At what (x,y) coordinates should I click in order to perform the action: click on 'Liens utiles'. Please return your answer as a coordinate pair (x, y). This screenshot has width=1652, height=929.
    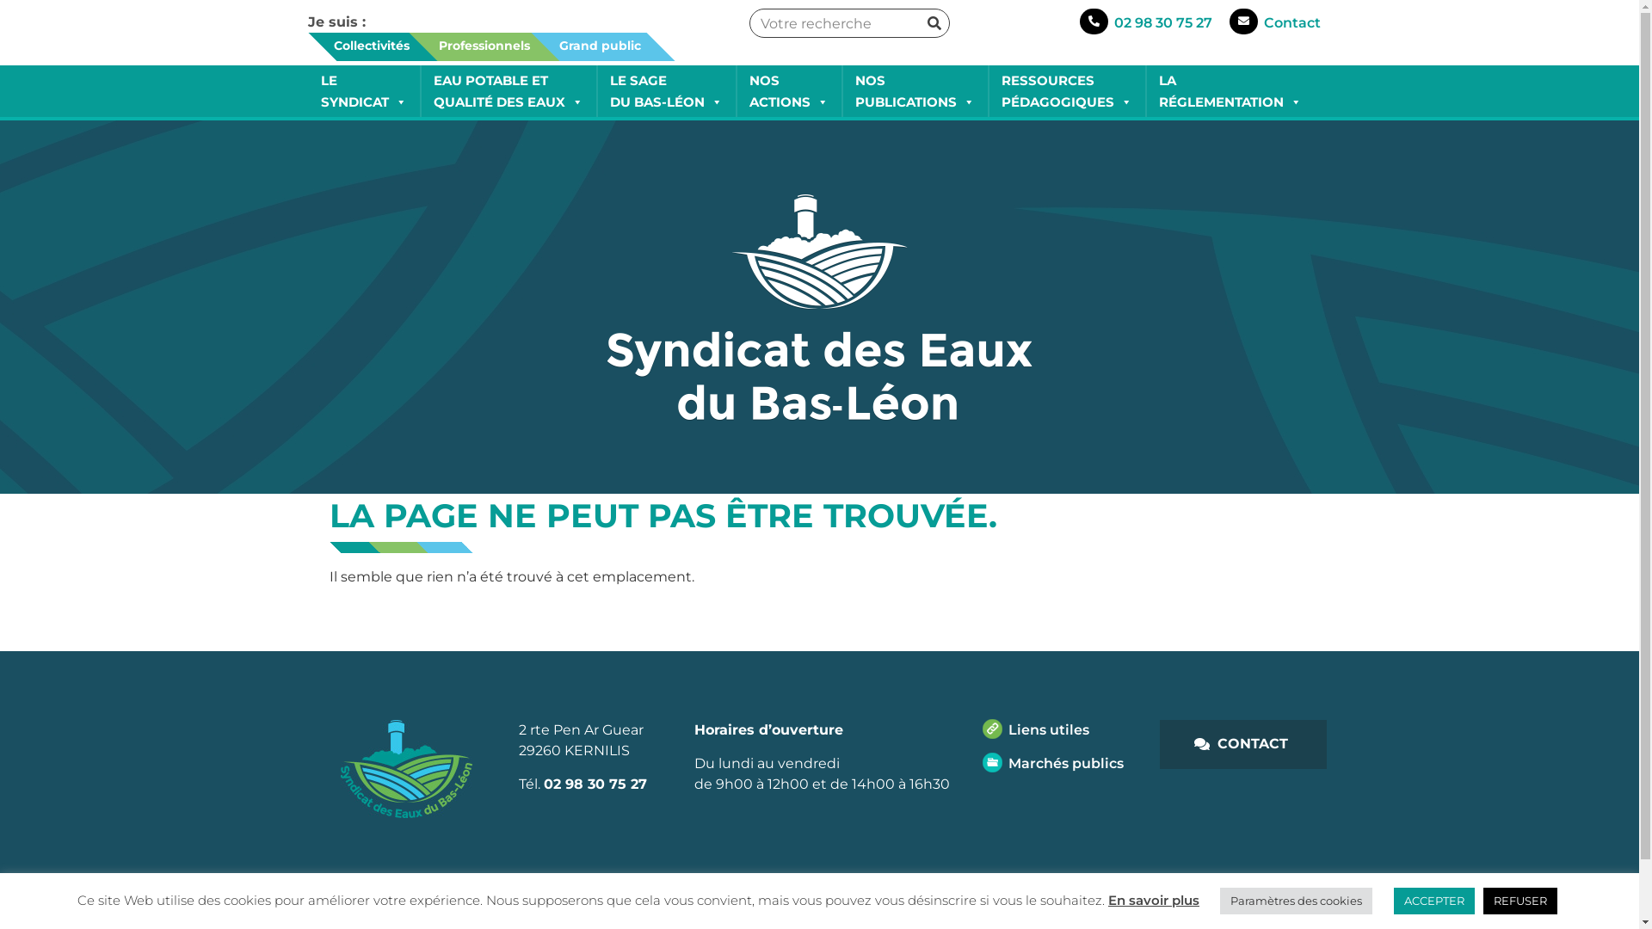
    Looking at the image, I should click on (983, 729).